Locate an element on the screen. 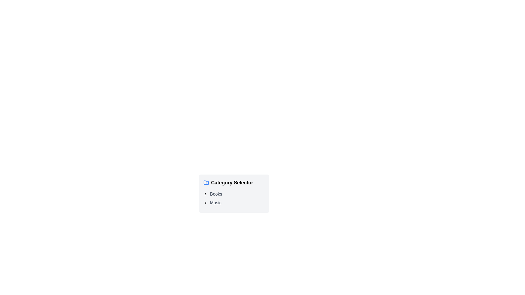 This screenshot has height=295, width=525. the 'Category Selector' label, which is a bold, black text next to a folder icon with a blue plus sign, located at the top section of a light gray panel is located at coordinates (234, 182).